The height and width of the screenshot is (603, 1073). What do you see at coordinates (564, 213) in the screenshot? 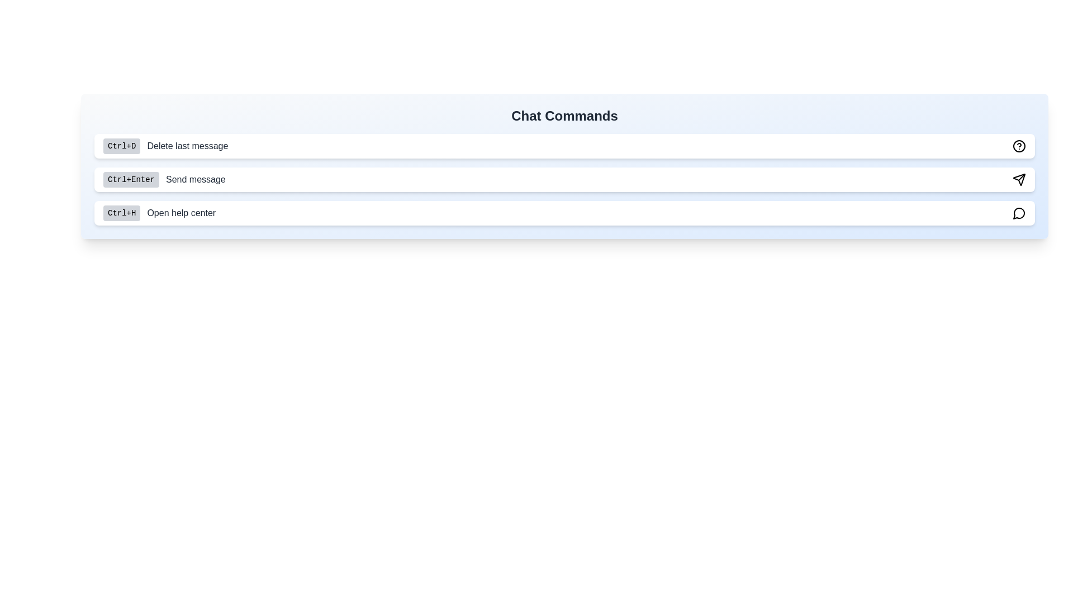
I see `the clickable informational block containing 'Ctrl+H' and 'Open help center'` at bounding box center [564, 213].